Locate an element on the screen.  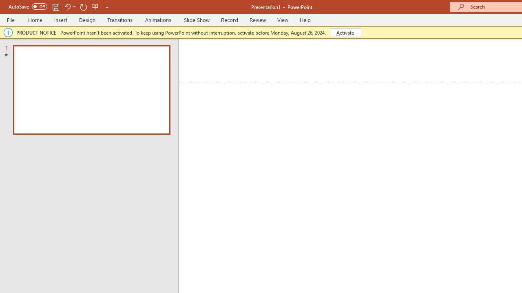
'Activate' is located at coordinates (345, 32).